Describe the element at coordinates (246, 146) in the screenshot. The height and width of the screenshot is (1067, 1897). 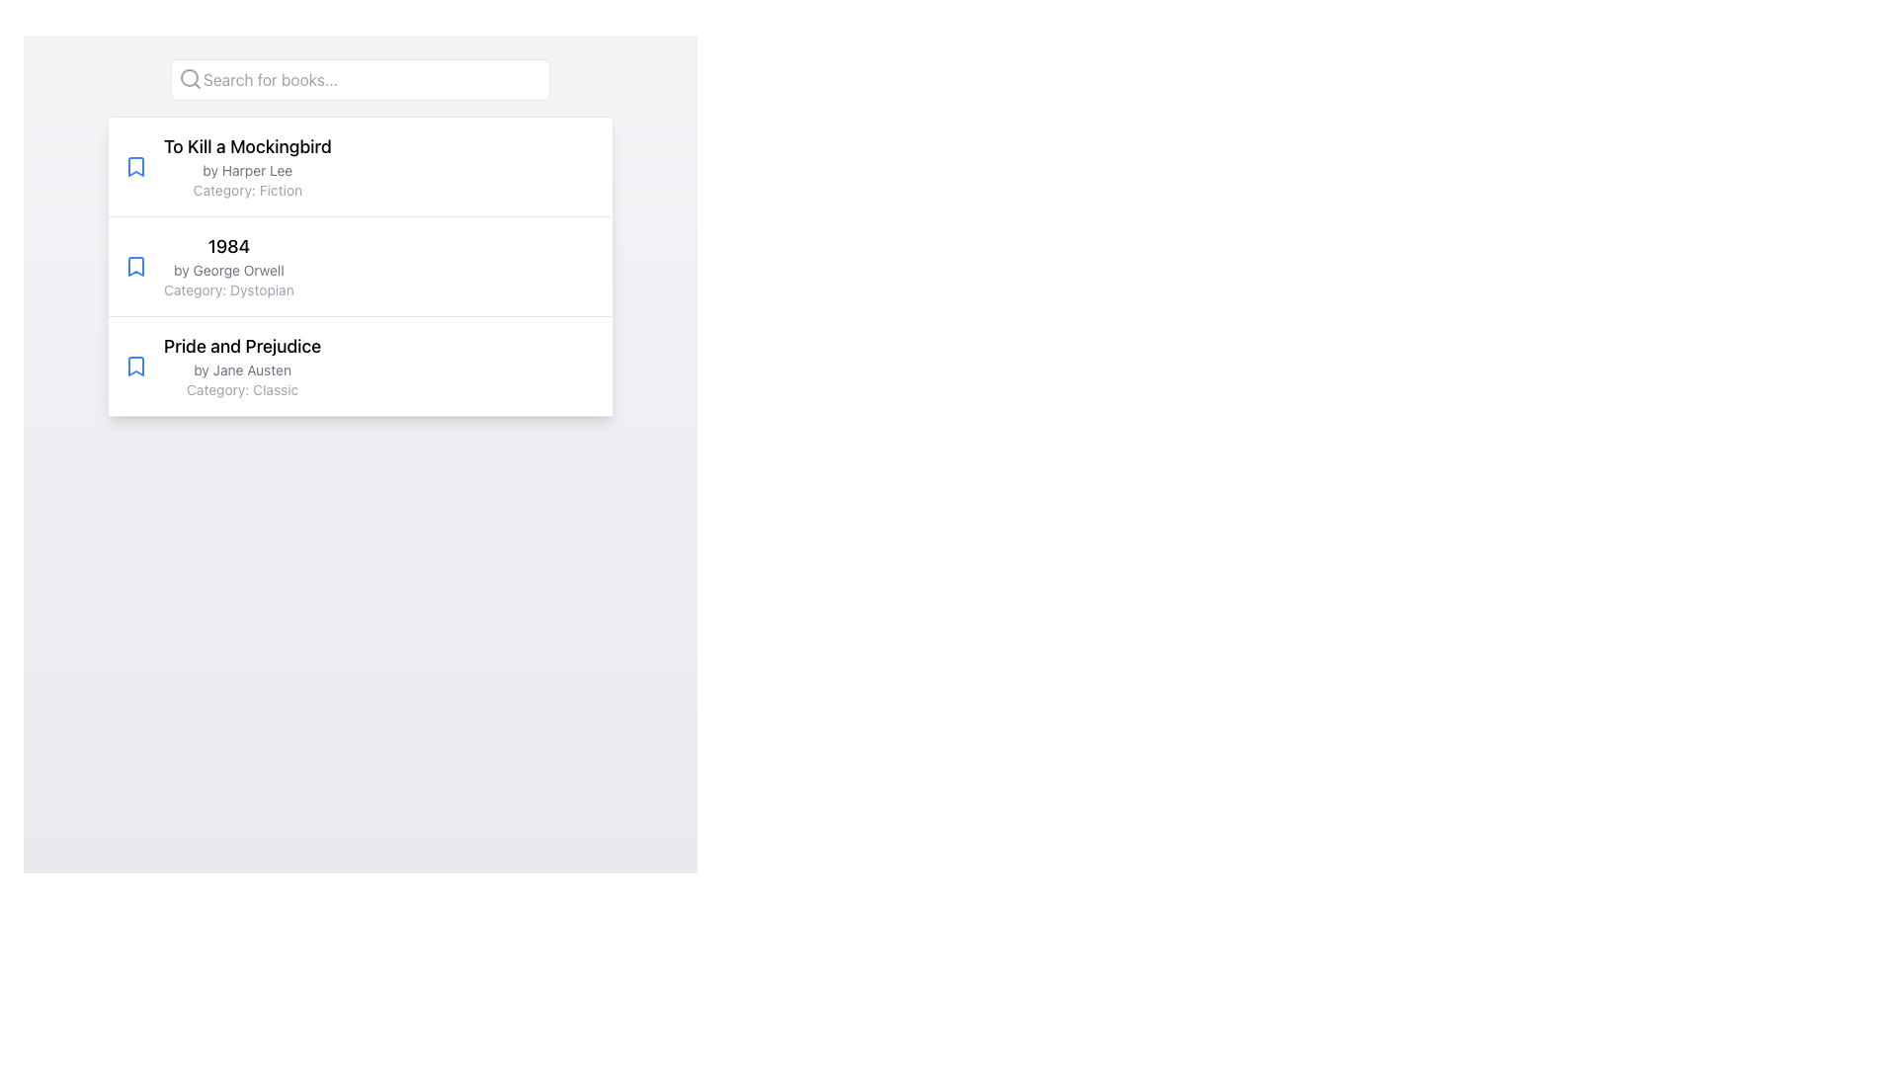
I see `the text label displaying 'To Kill a Mockingbird', which is in a larger, bold font style and aligned at the top left of its section` at that location.